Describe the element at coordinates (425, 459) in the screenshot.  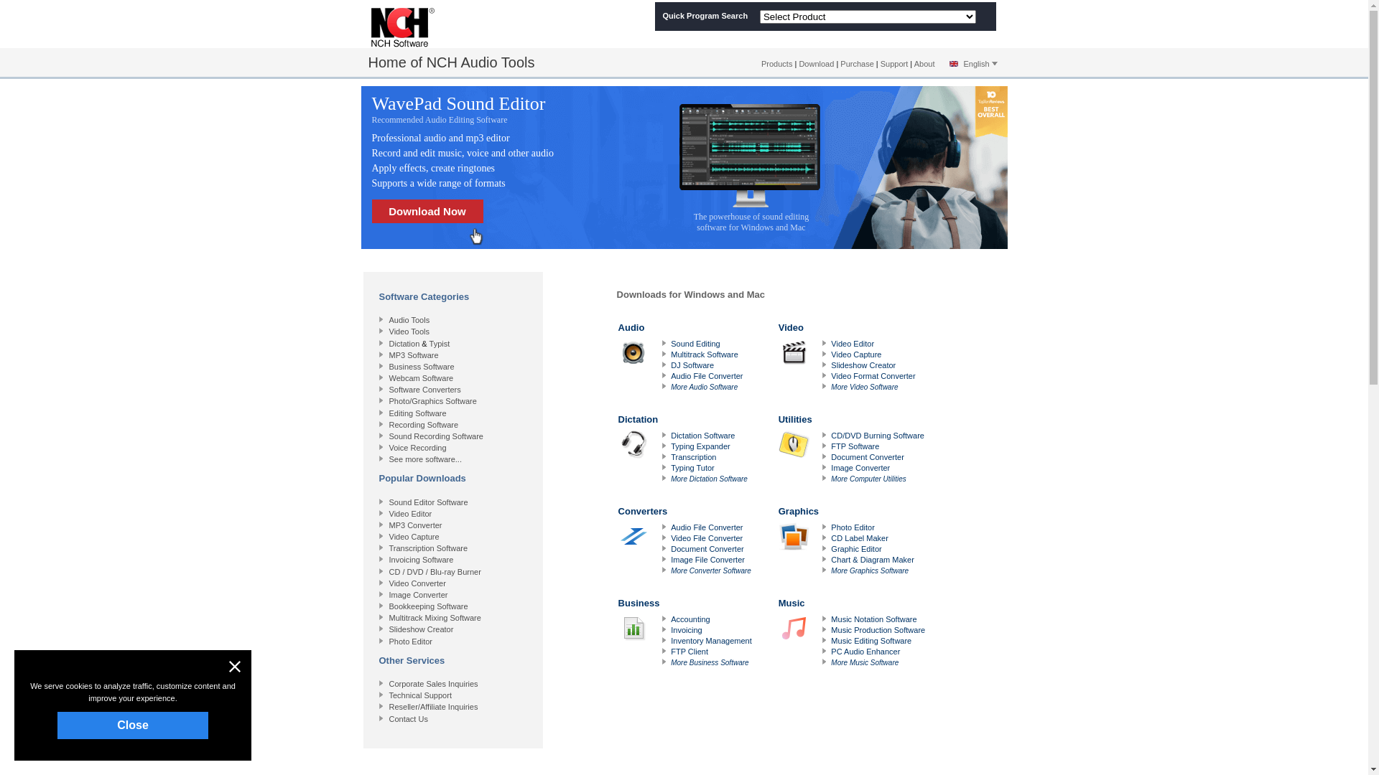
I see `'See more software...'` at that location.